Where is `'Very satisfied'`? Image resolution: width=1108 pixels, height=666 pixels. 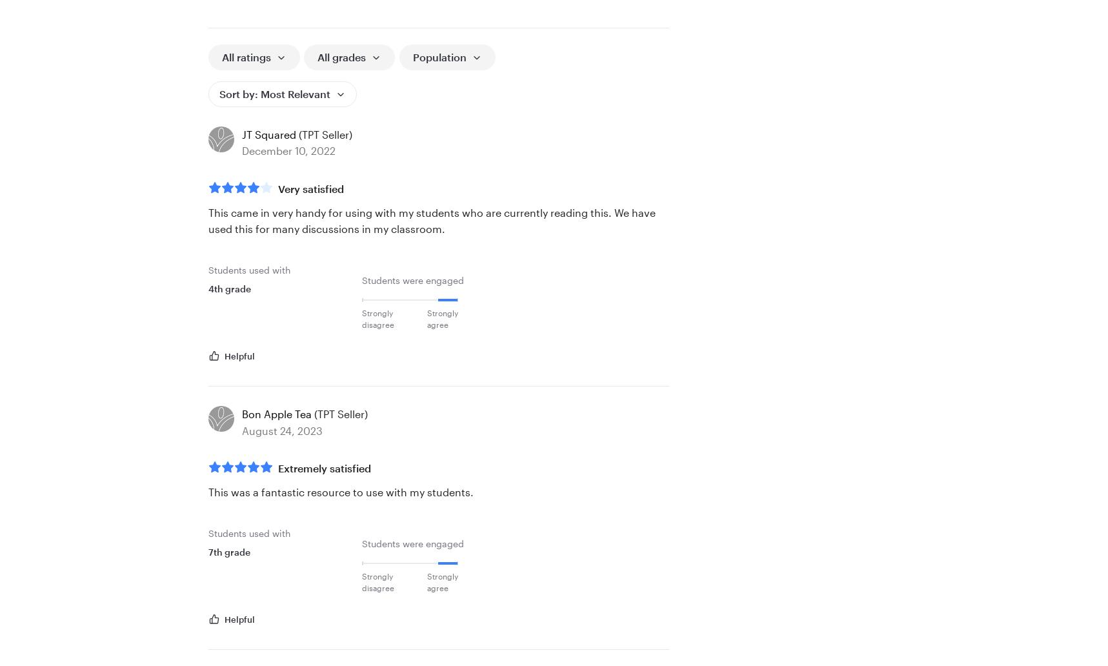
'Very satisfied' is located at coordinates (310, 188).